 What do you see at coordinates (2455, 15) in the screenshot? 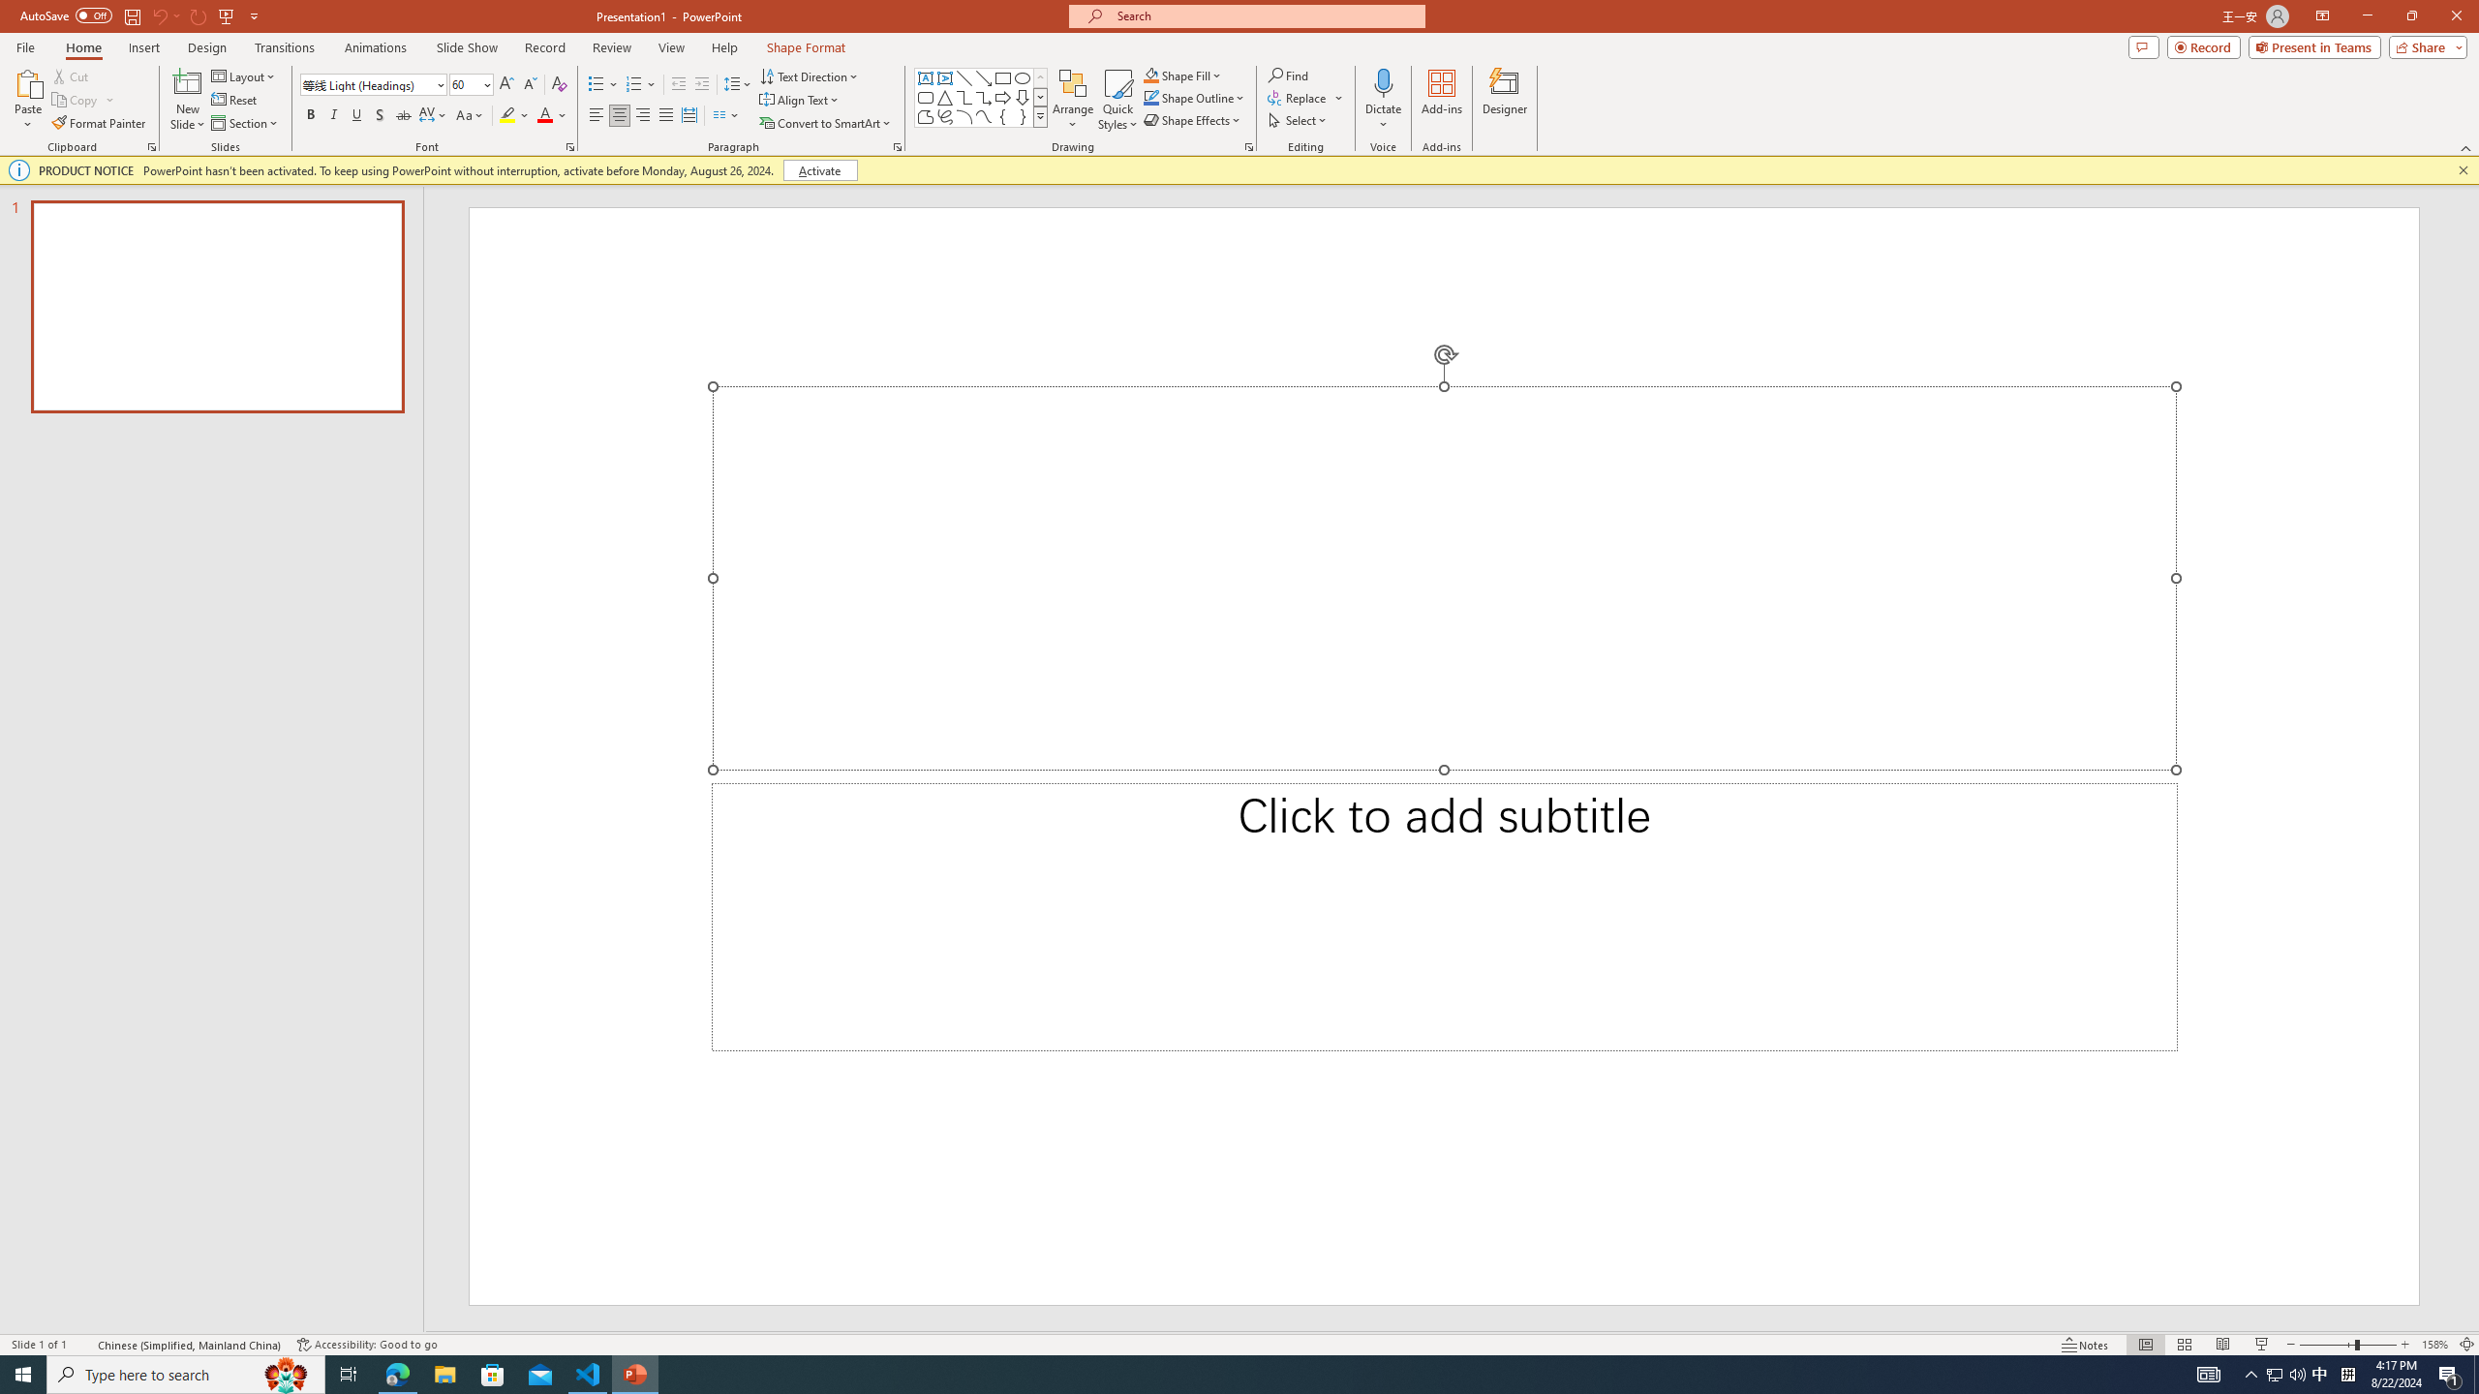
I see `'Close'` at bounding box center [2455, 15].